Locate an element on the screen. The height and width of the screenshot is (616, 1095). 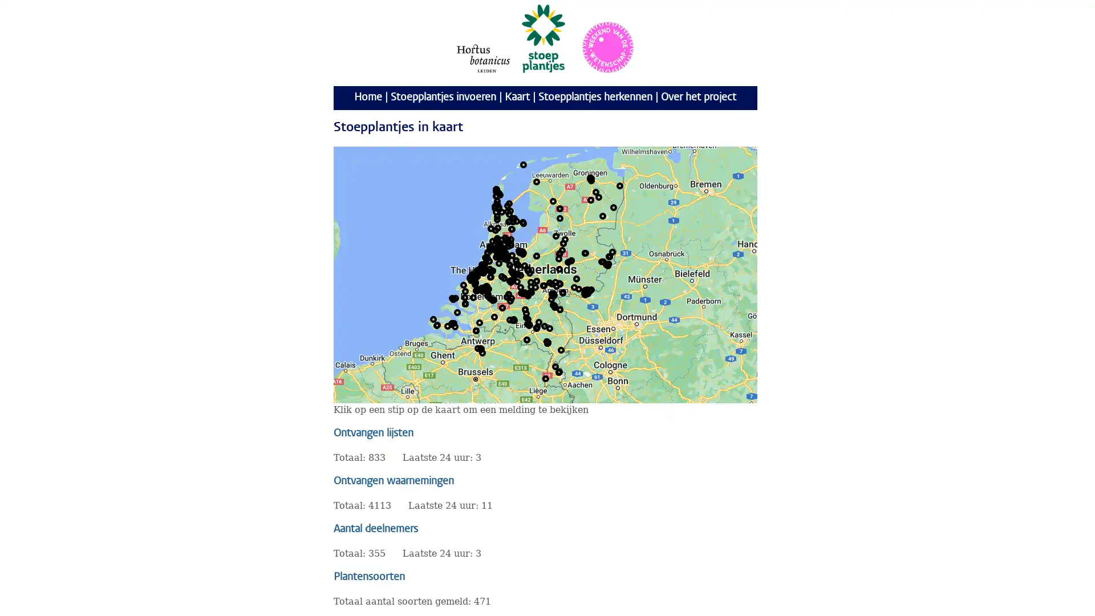
Telling van Linn op 14 april 2022 is located at coordinates (503, 250).